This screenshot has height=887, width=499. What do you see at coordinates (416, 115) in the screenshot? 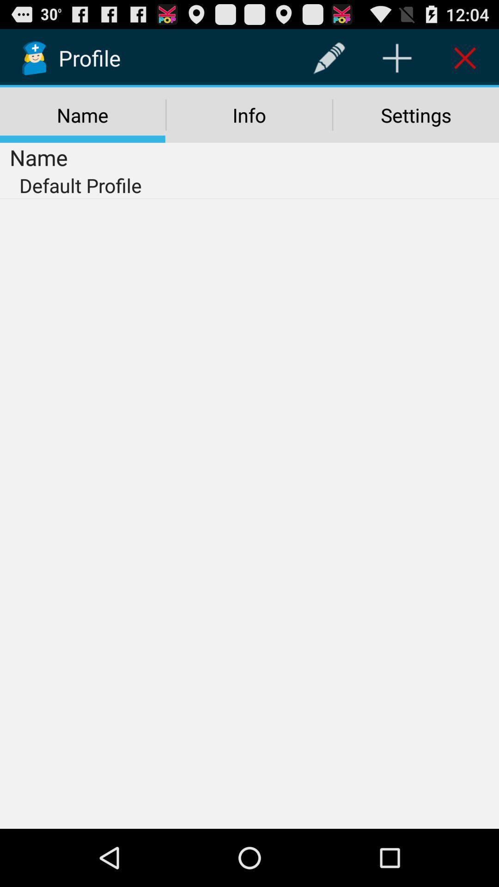
I see `the settings item` at bounding box center [416, 115].